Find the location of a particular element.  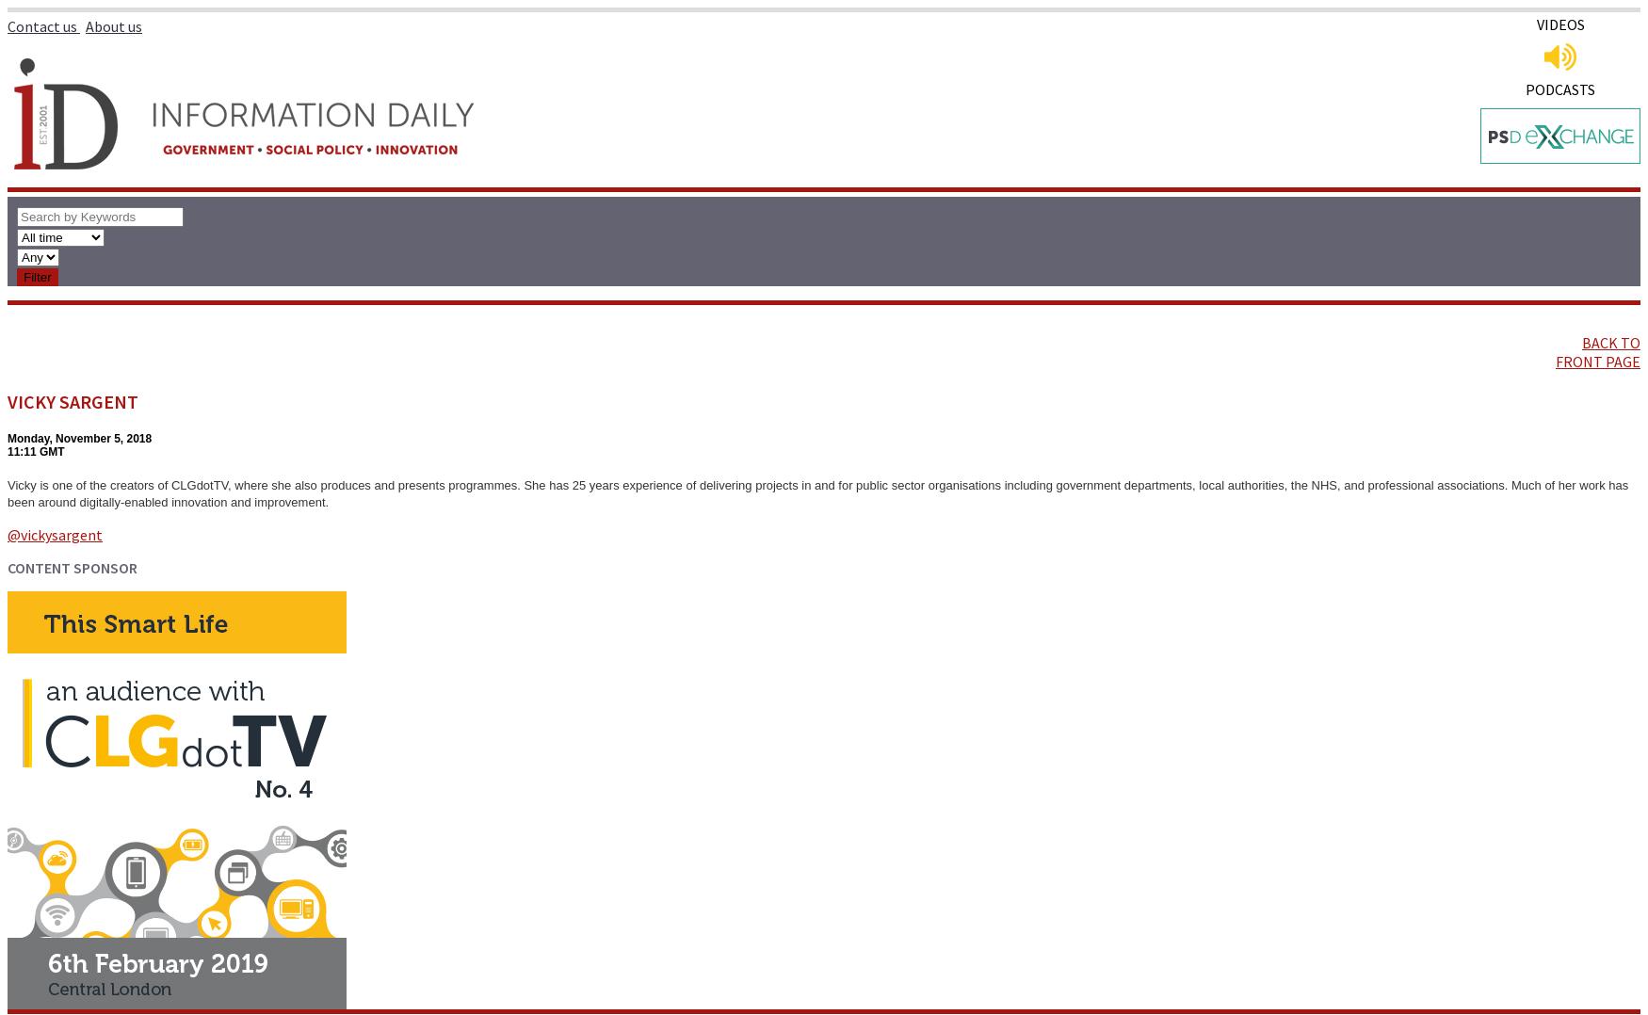

'Monday, November 5, 2018' is located at coordinates (79, 438).